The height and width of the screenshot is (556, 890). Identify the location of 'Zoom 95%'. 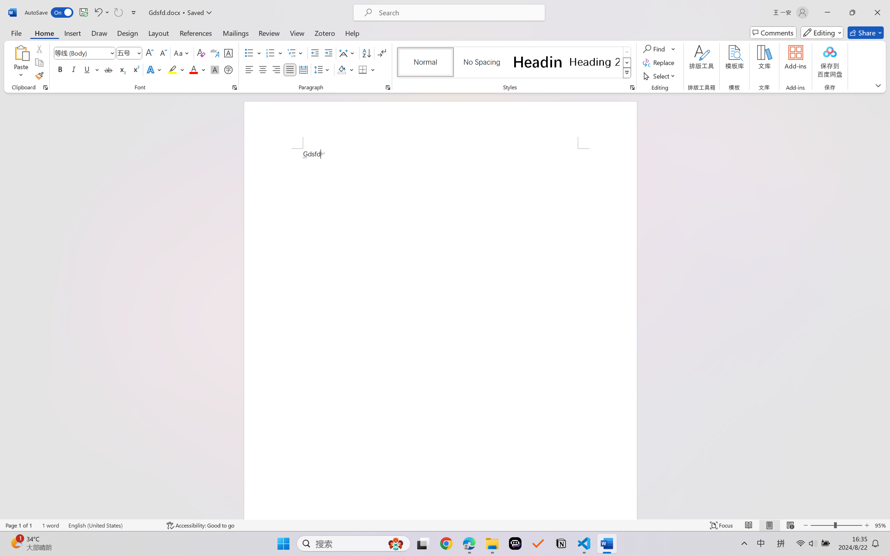
(880, 525).